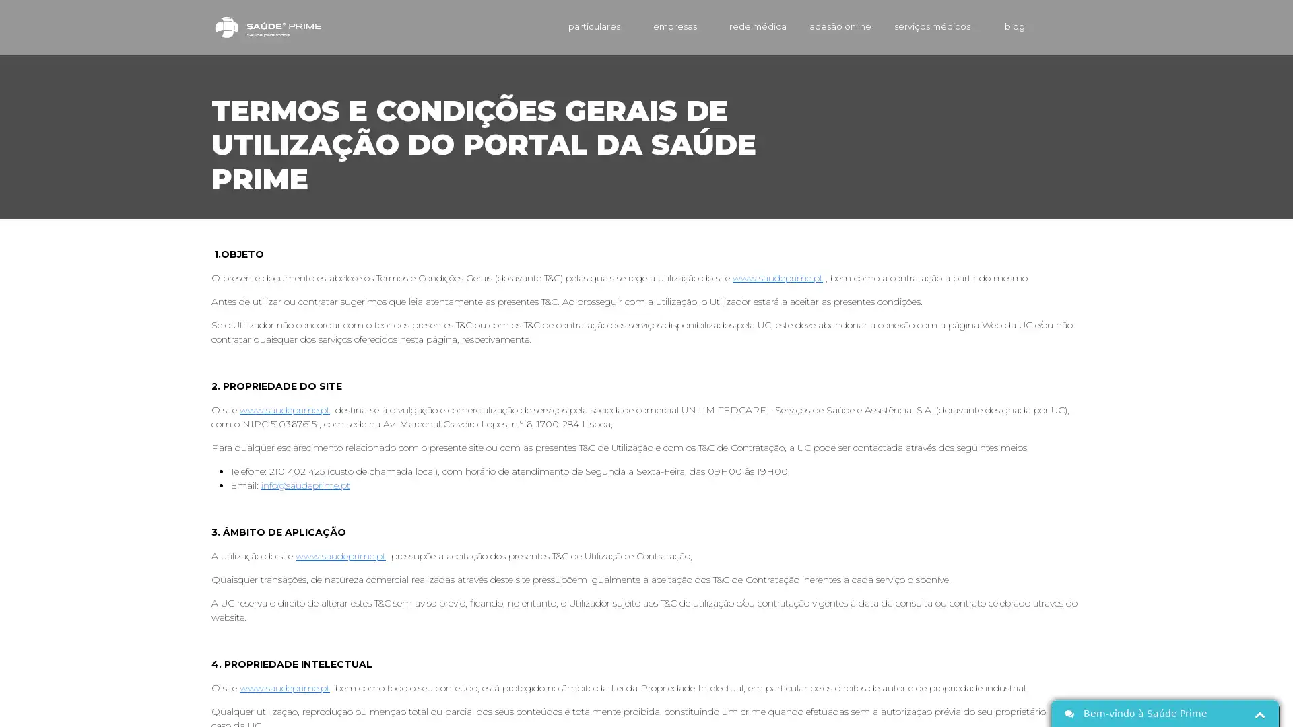 Image resolution: width=1293 pixels, height=727 pixels. I want to click on rede medica, so click(737, 26).